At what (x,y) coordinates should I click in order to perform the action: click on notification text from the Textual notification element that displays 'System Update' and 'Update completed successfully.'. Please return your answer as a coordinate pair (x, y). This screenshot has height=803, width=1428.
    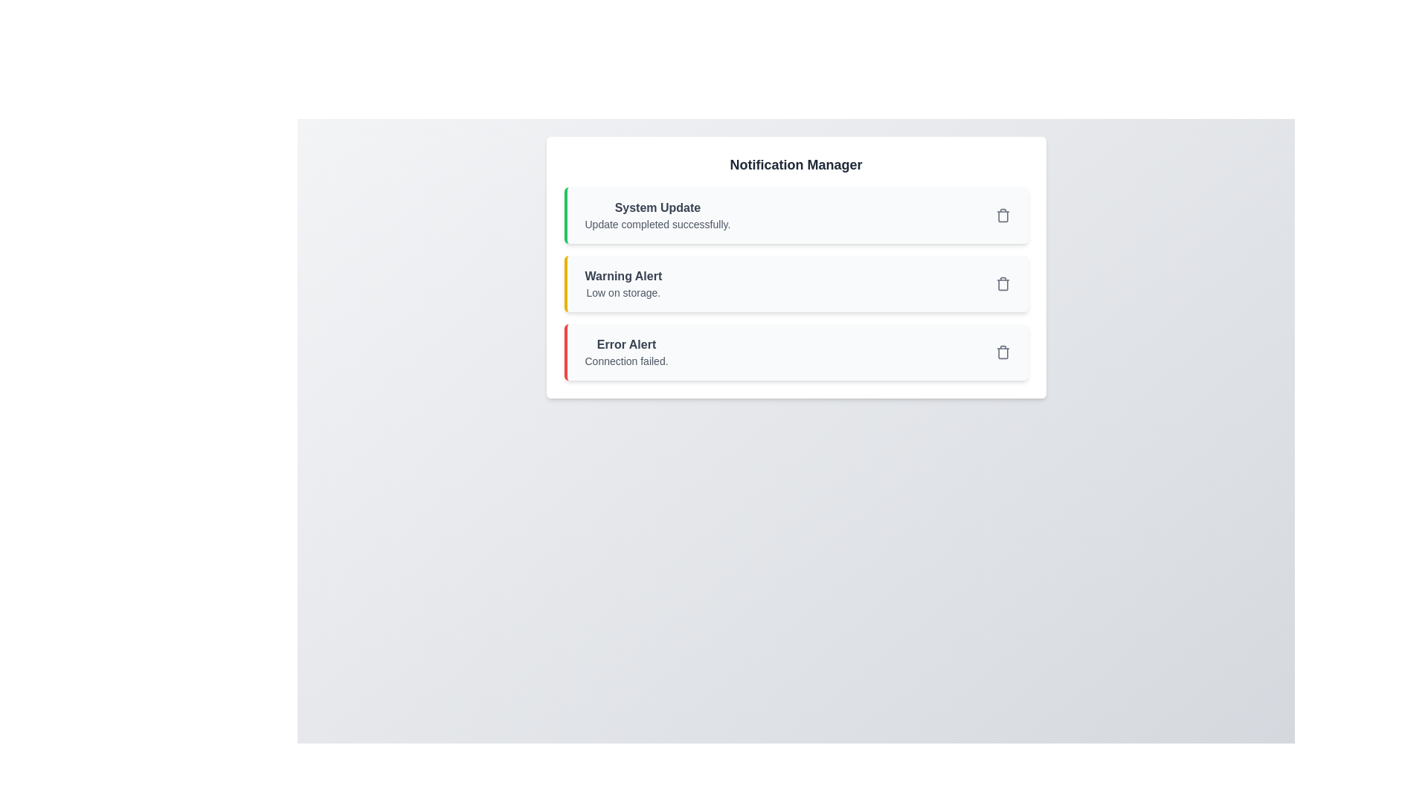
    Looking at the image, I should click on (657, 215).